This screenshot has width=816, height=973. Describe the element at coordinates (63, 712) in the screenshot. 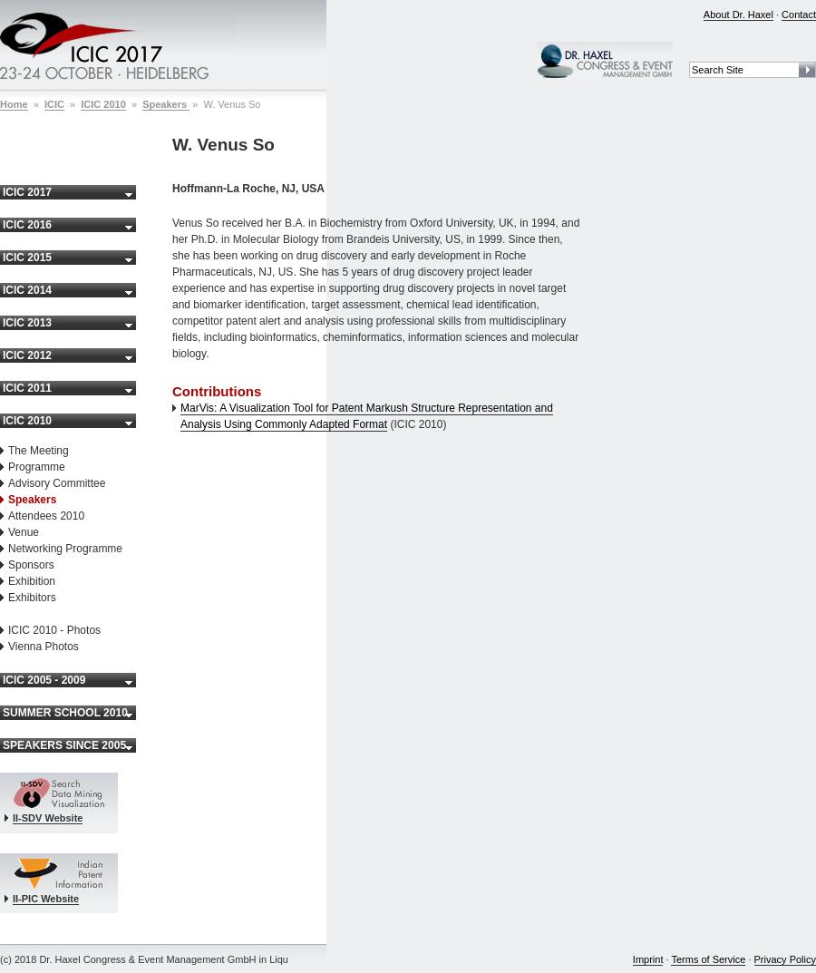

I see `'SUMMER SCHOOL 2010'` at that location.